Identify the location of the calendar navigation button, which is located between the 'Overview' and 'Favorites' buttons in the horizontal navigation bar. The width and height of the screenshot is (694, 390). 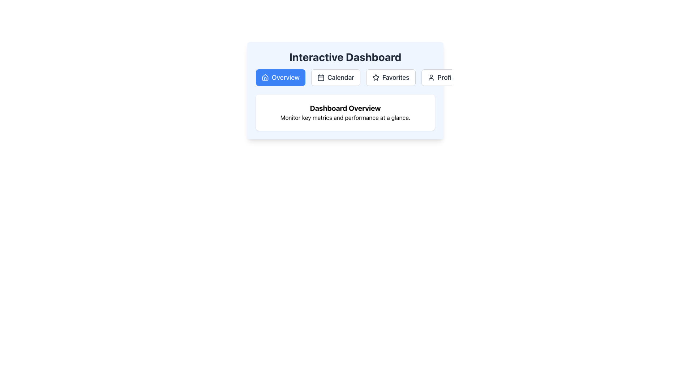
(335, 78).